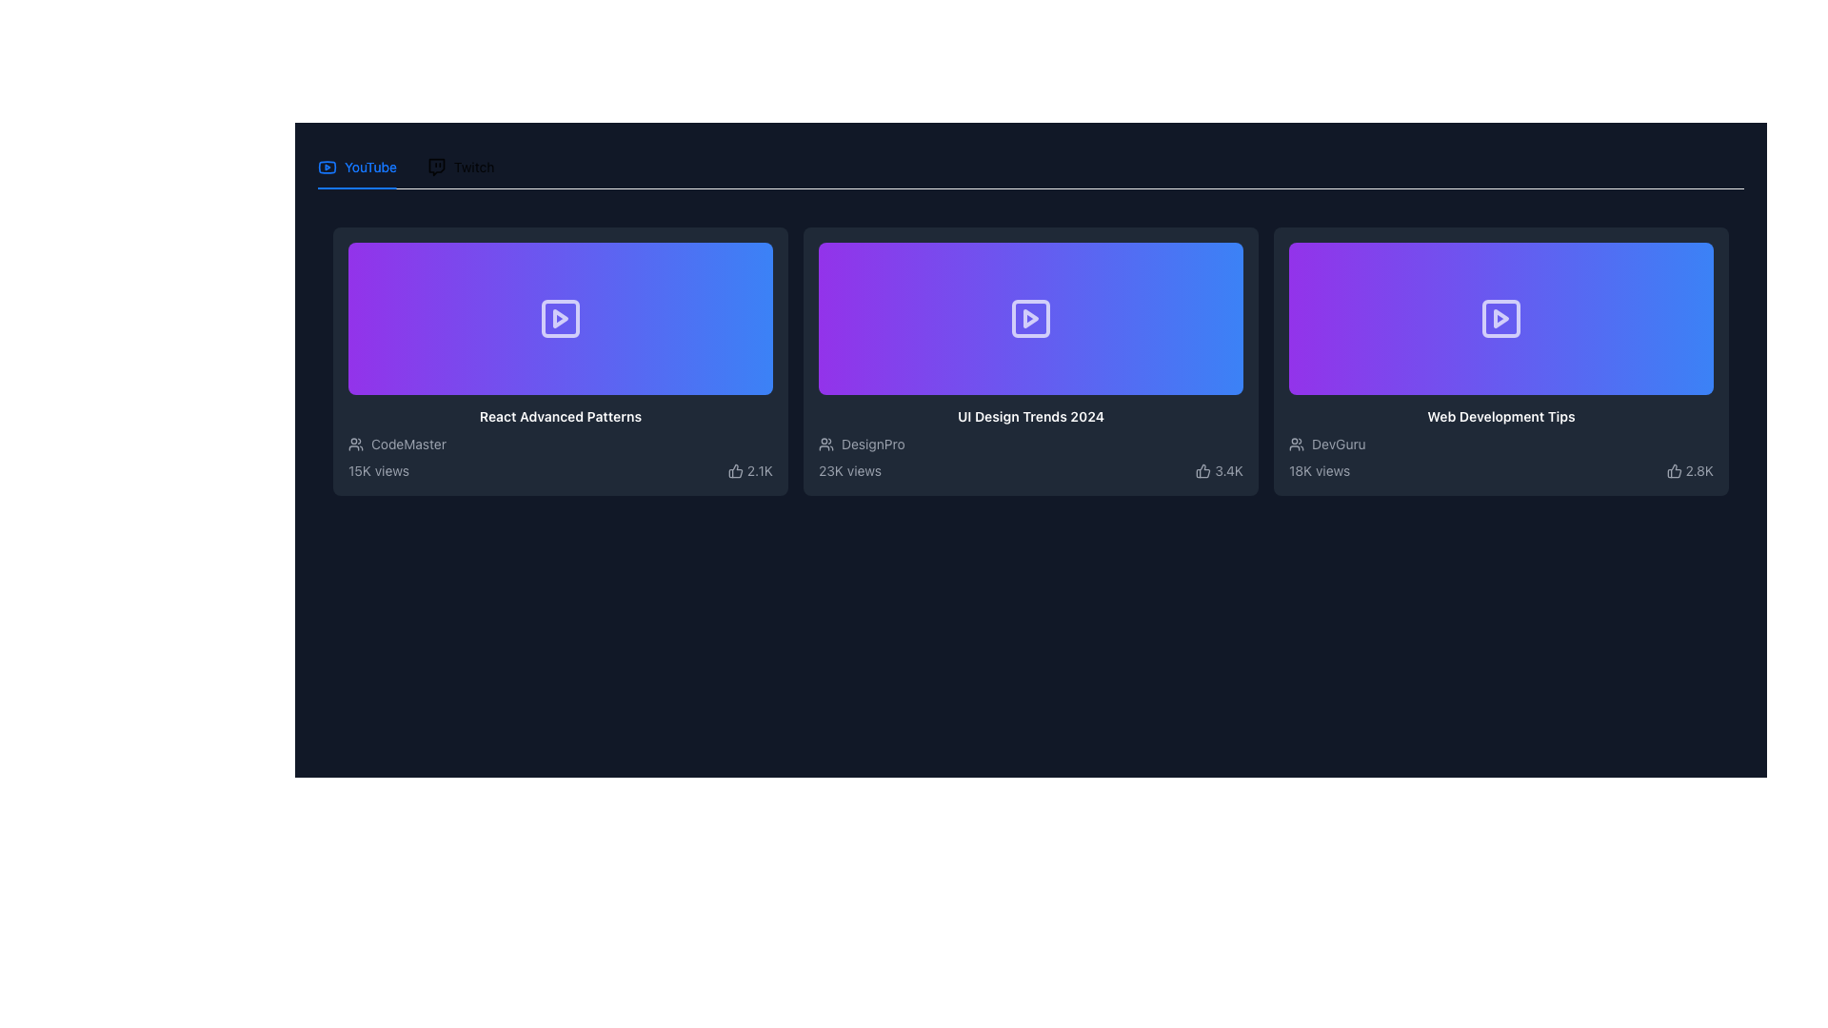  I want to click on the thumbs-up icon located at the bottom right corner of the content card, so click(734, 470).